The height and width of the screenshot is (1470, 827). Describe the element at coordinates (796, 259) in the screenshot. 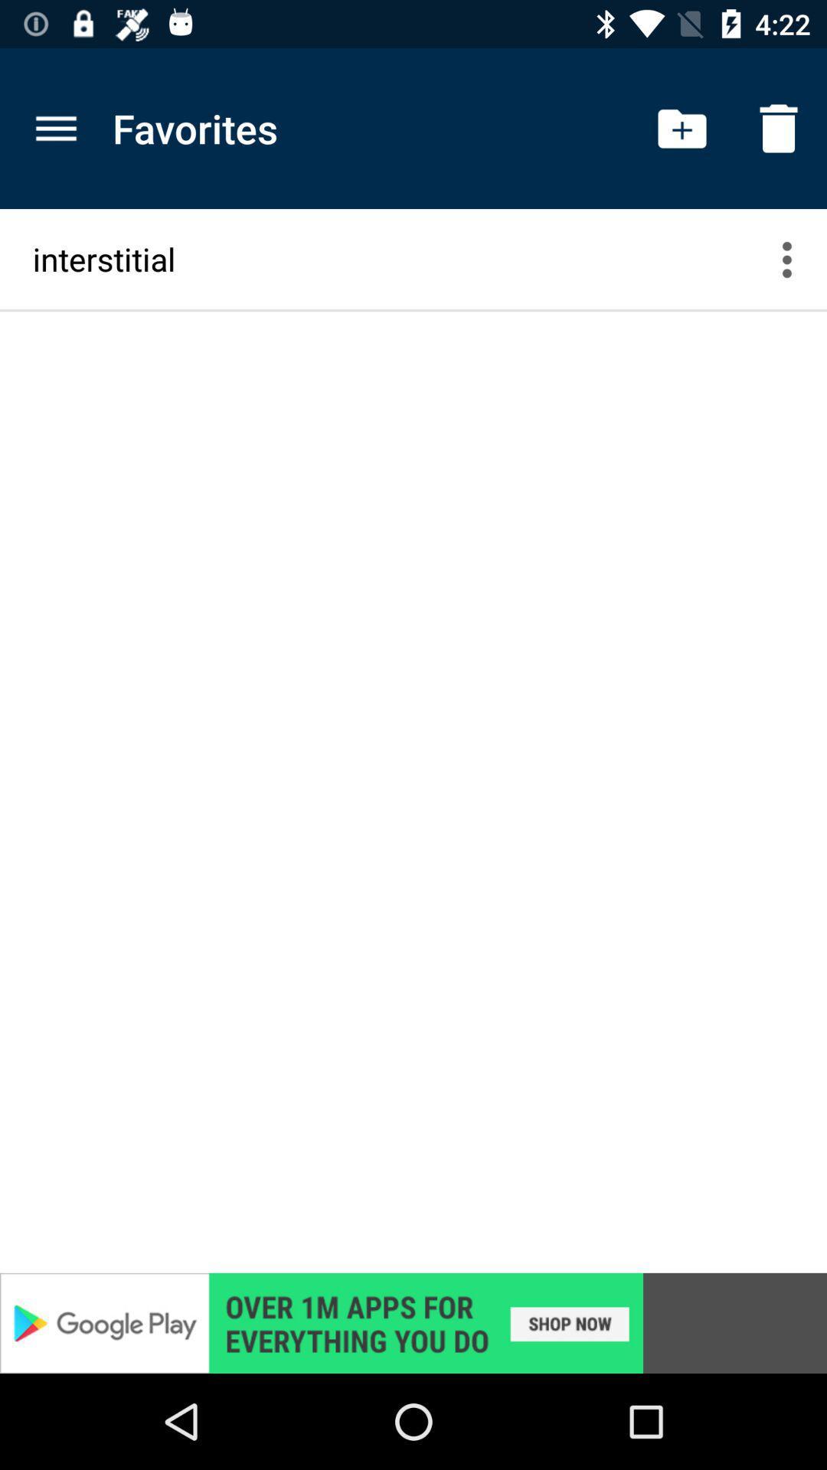

I see `expand information` at that location.